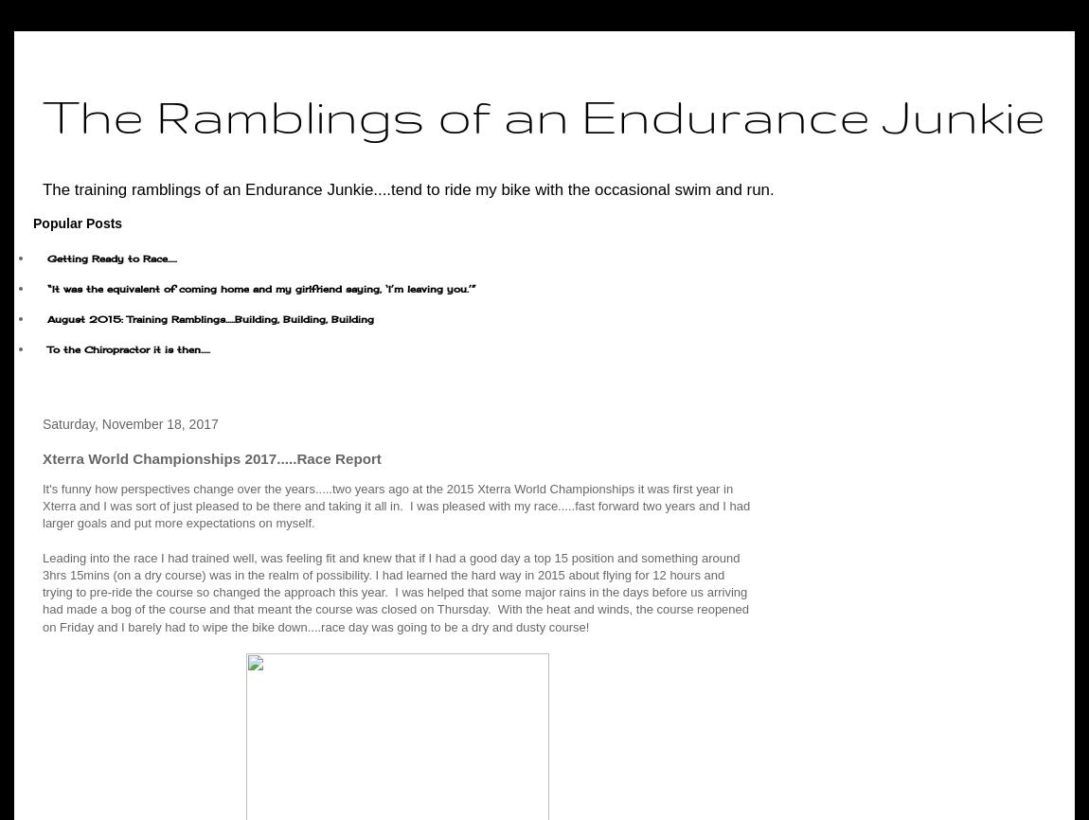 This screenshot has height=820, width=1089. Describe the element at coordinates (46, 348) in the screenshot. I see `'To the Chiropractor it is then.....'` at that location.